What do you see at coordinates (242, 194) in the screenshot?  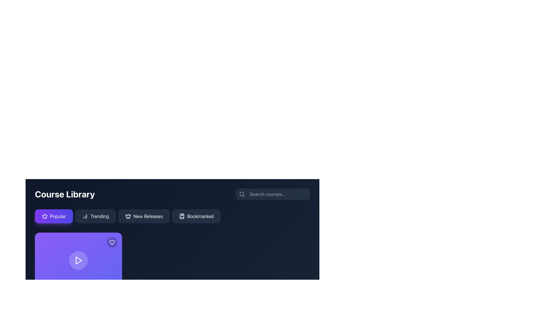 I see `the decorative circular graphic element within the magnifying glass icon, which is styled as part of an SVG graphic and has no fill` at bounding box center [242, 194].